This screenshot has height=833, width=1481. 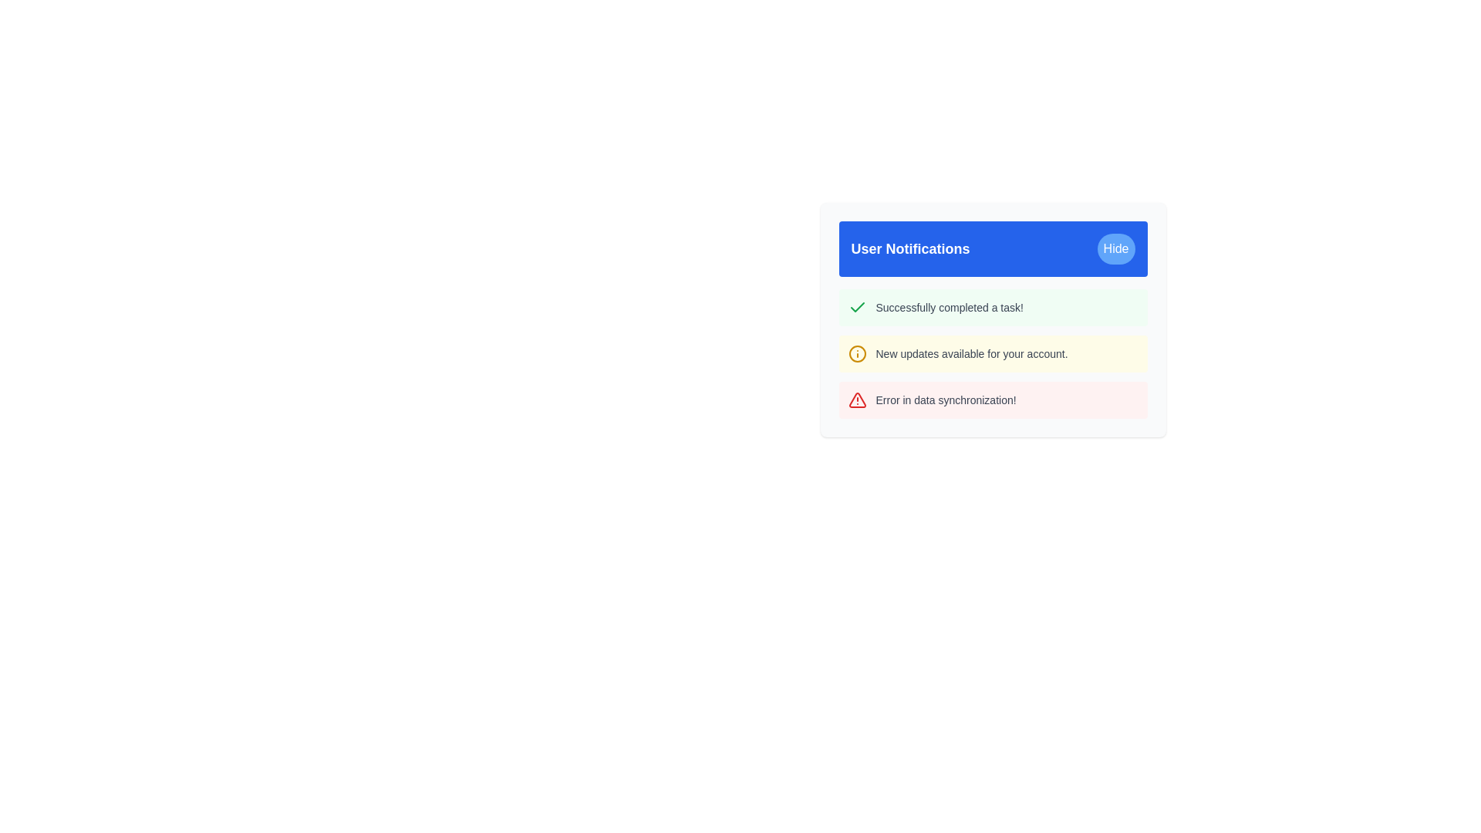 What do you see at coordinates (993, 400) in the screenshot?
I see `notification message displayed in the notification bubble with a light red background containing the text 'Error in data synchronization!'` at bounding box center [993, 400].